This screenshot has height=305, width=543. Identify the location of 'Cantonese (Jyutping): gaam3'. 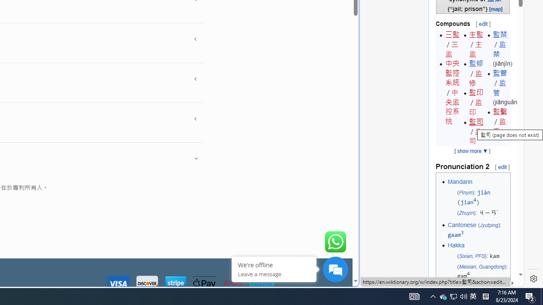
(478, 230).